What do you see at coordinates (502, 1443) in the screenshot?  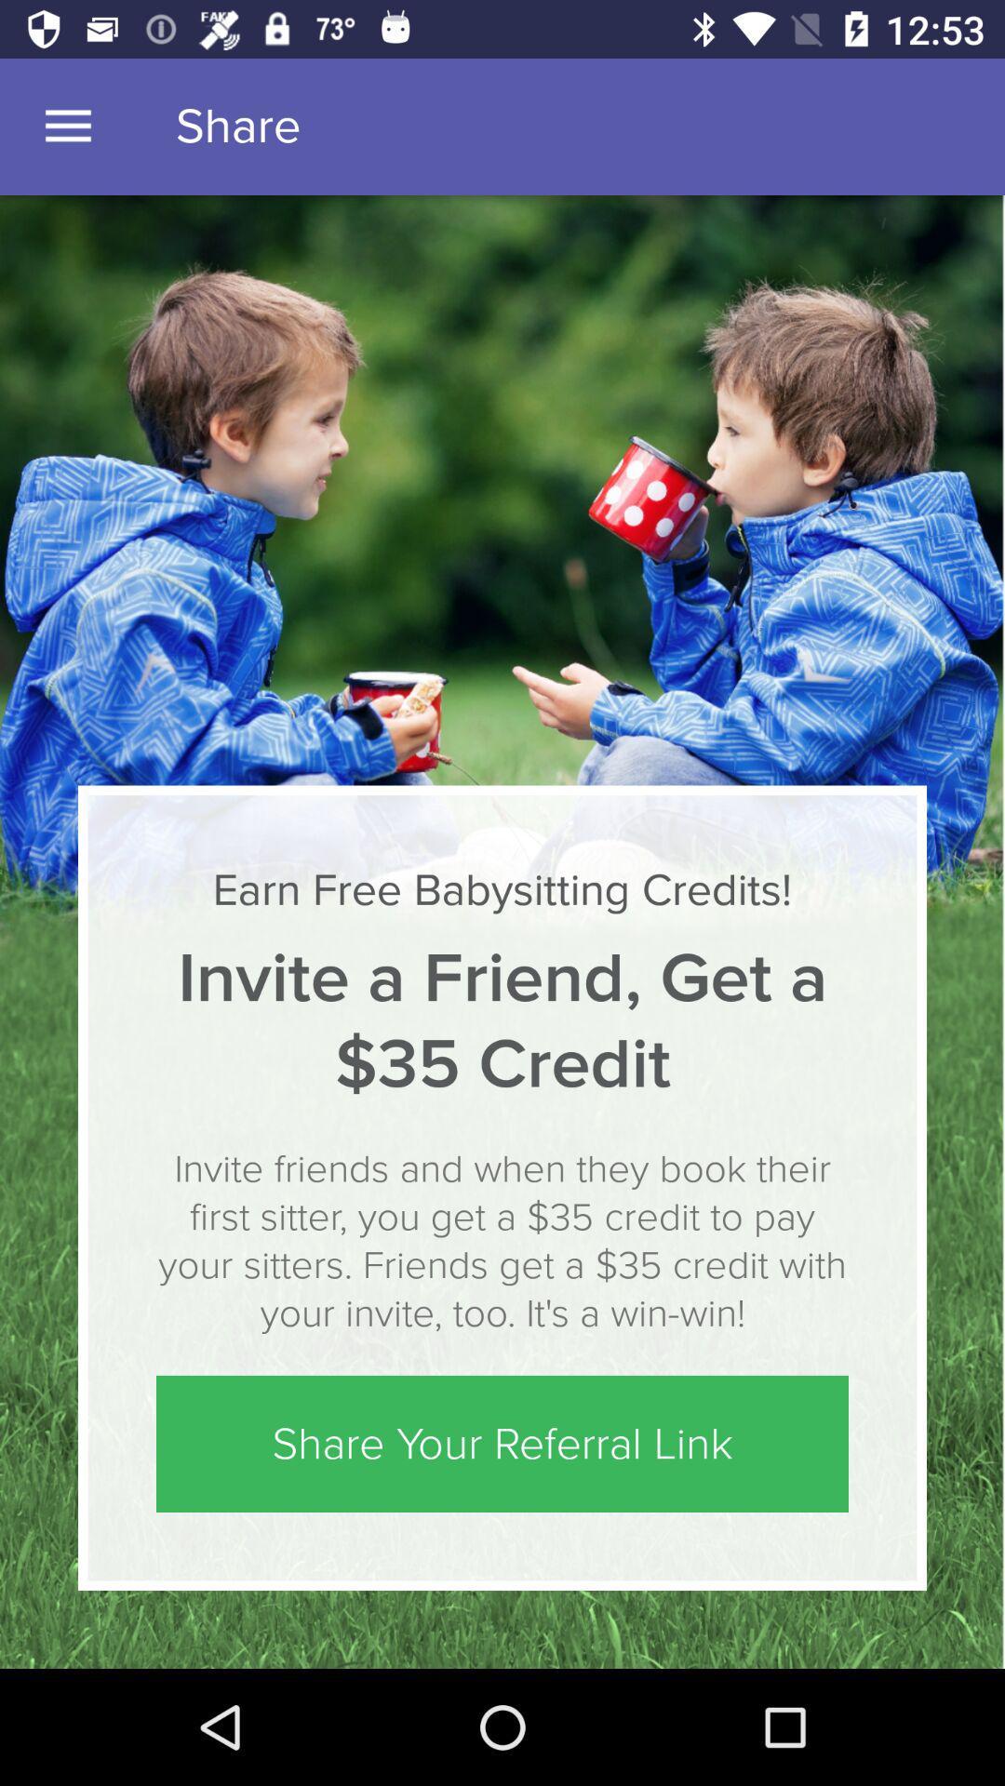 I see `the icon below invite friends and icon` at bounding box center [502, 1443].